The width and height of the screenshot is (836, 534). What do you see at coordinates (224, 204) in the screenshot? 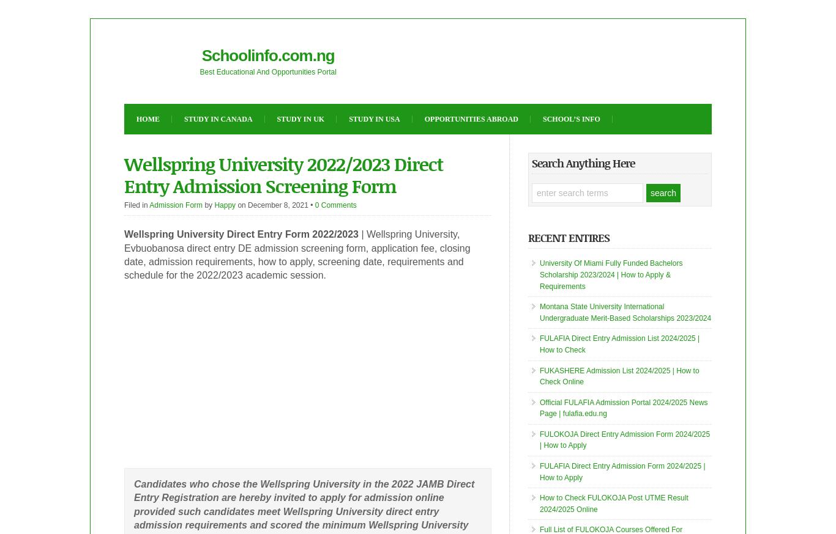
I see `'Happy'` at bounding box center [224, 204].